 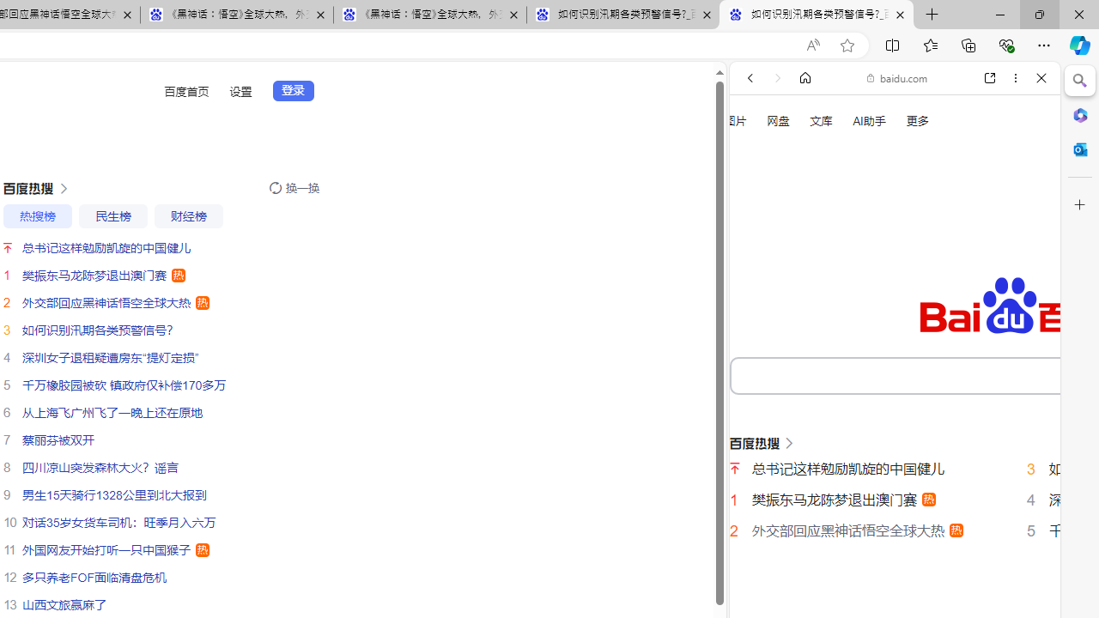 I want to click on 'Web scope', so click(x=756, y=154).